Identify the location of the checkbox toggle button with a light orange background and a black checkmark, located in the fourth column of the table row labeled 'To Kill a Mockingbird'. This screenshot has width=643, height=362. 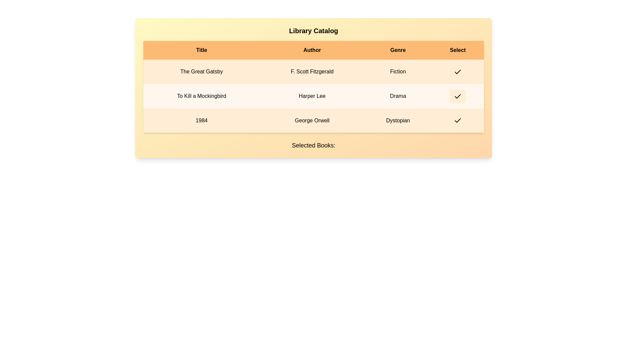
(457, 96).